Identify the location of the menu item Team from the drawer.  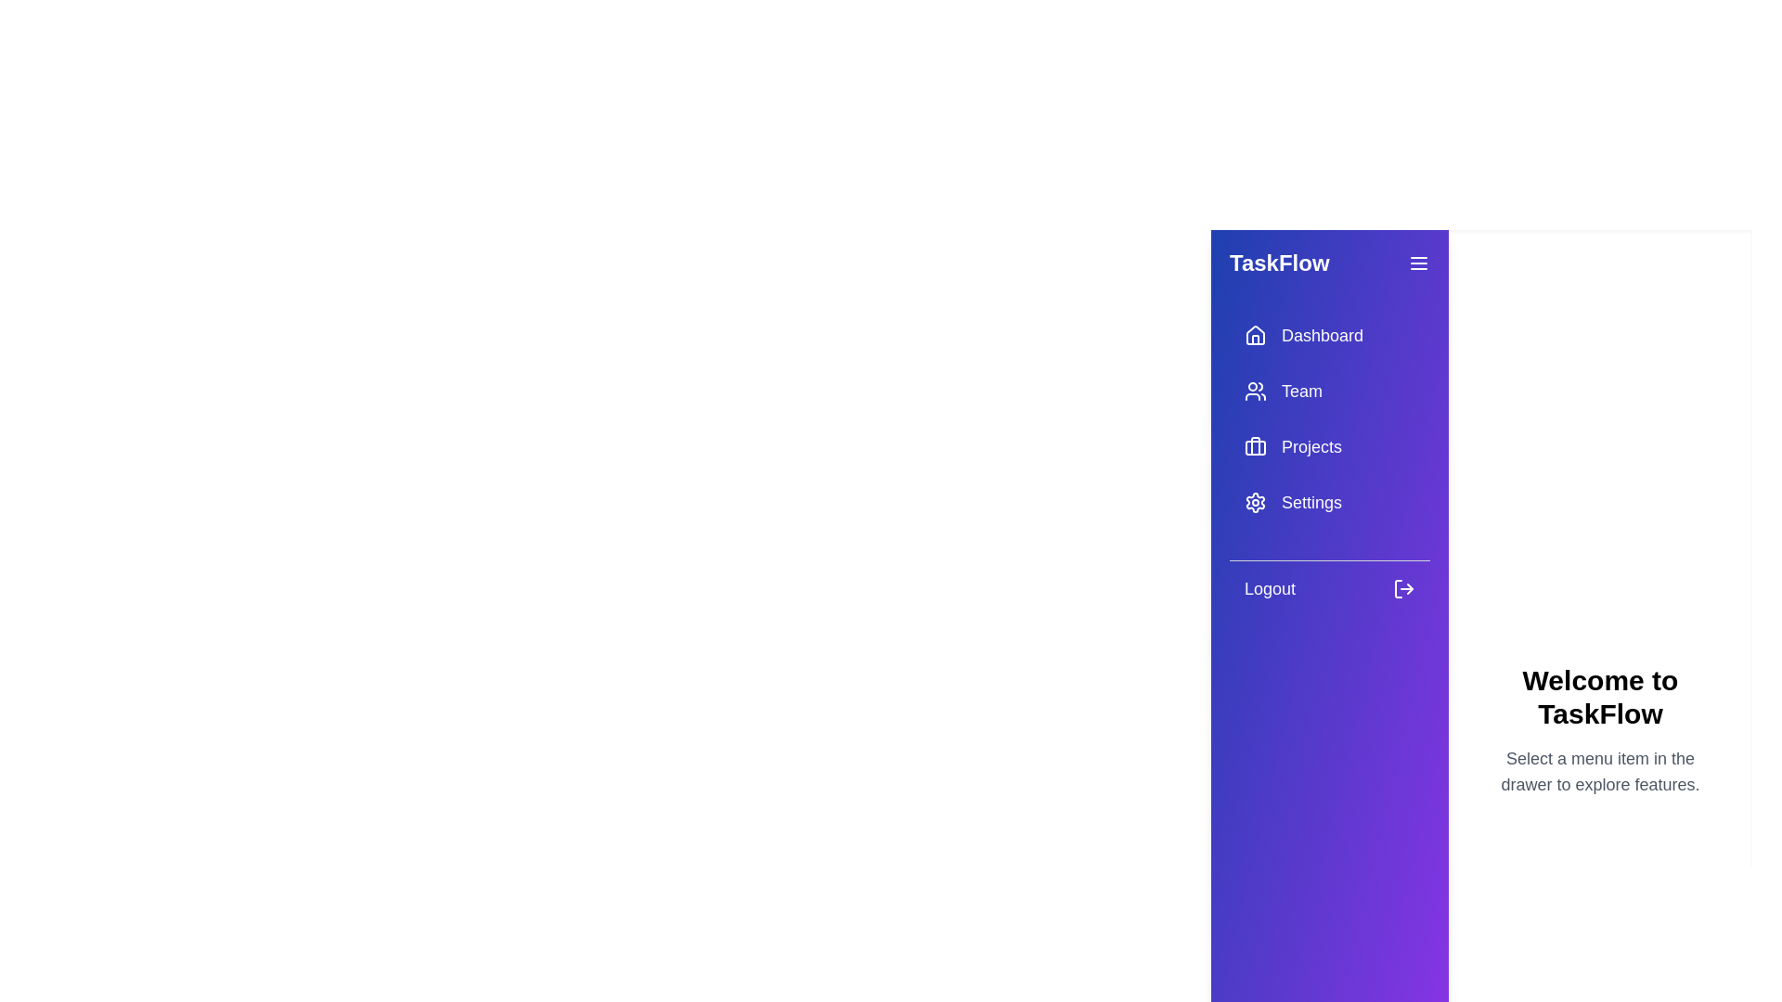
(1329, 390).